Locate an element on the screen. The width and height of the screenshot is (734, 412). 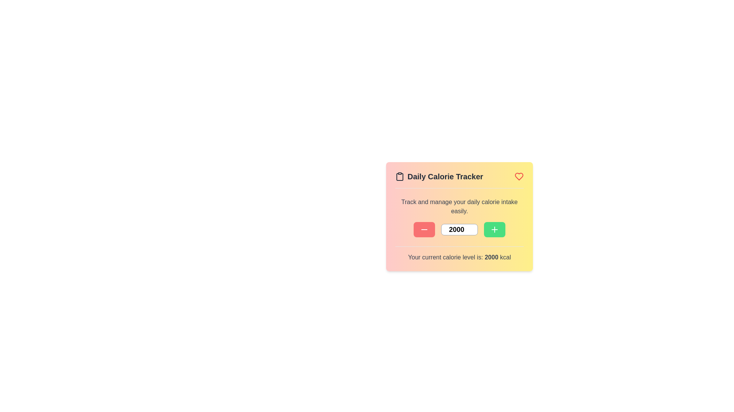
the heart-shaped icon located at the top right corner of the 'Daily Calorie Tracker' header, which serves as a decorative visual cue emphasizing care or health is located at coordinates (519, 176).